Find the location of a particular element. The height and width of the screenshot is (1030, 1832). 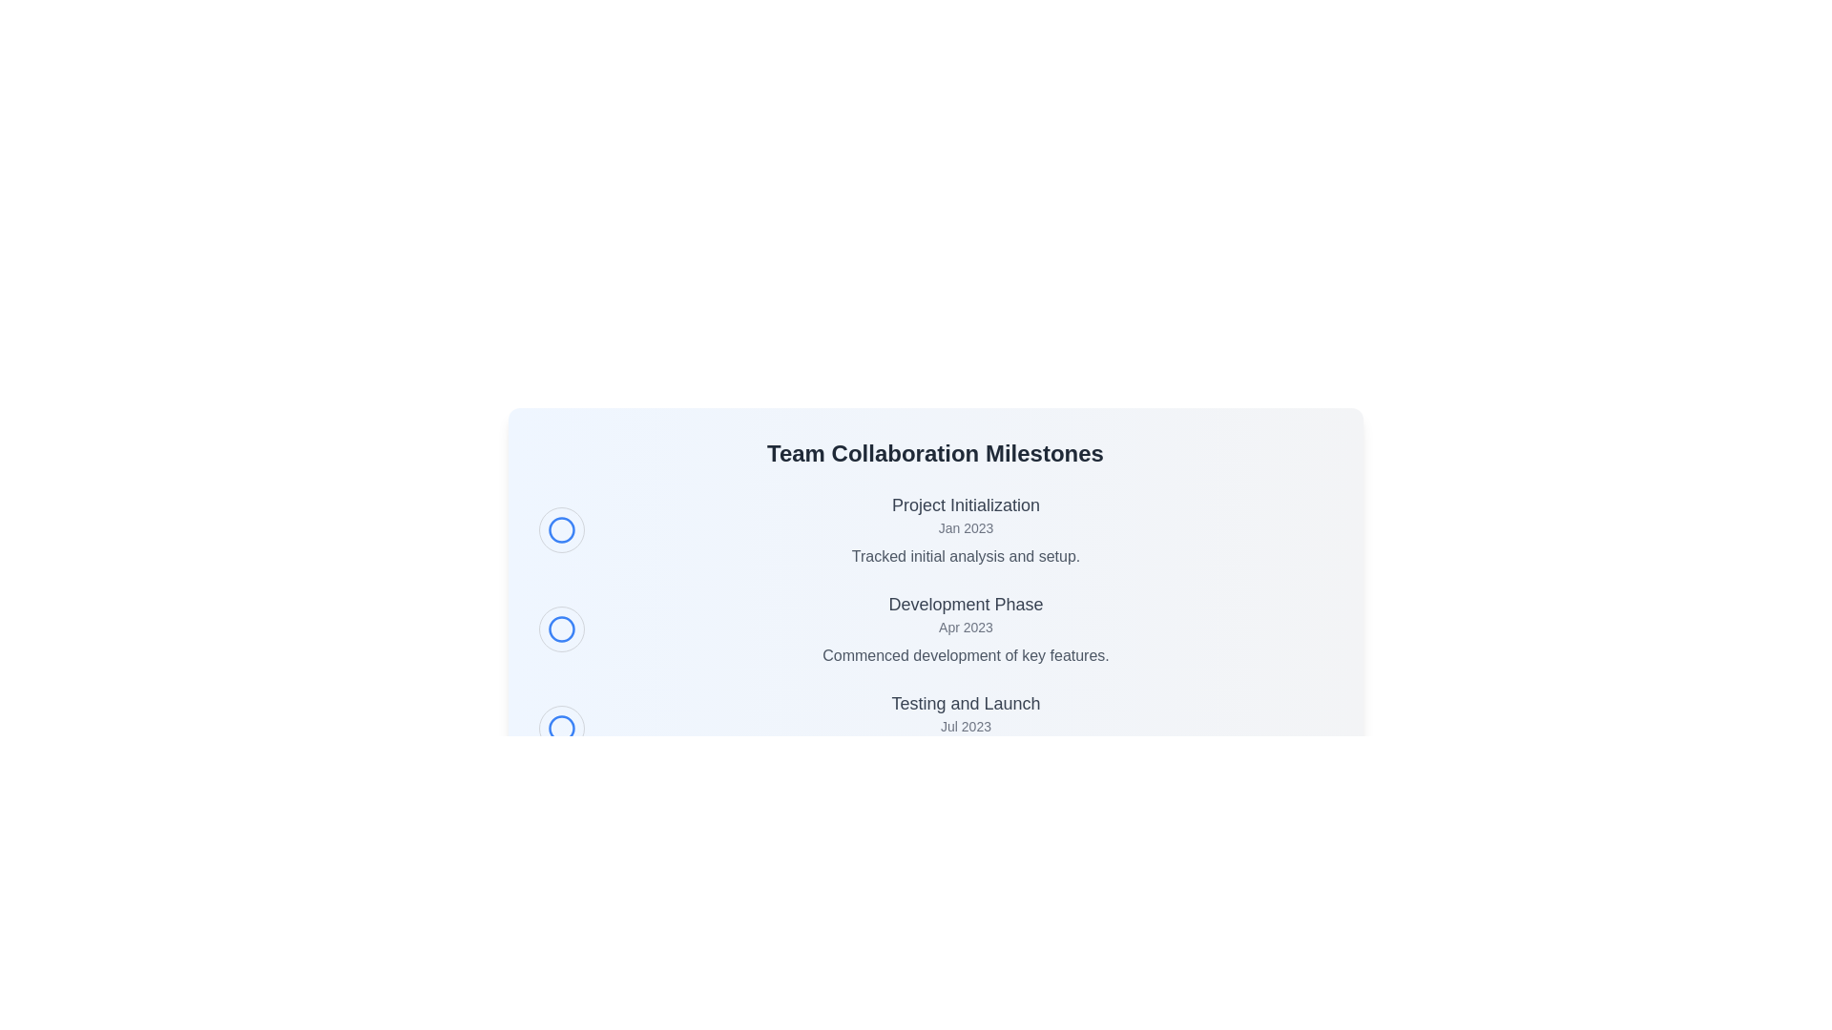

the text display that reads 'Commenced development of key features.', which is styled in a smaller font size and muted gray color, positioned below 'Development Phase' and 'Apr 2023' is located at coordinates (966, 654).